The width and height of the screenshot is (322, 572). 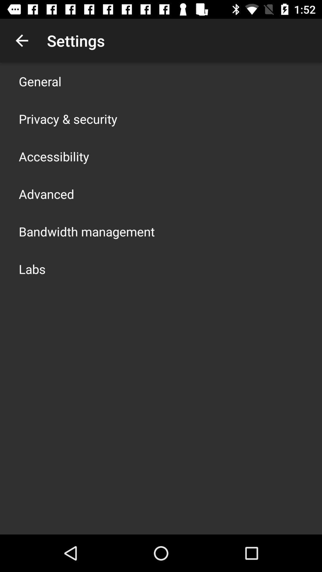 What do you see at coordinates (21, 40) in the screenshot?
I see `the app to the left of the settings icon` at bounding box center [21, 40].